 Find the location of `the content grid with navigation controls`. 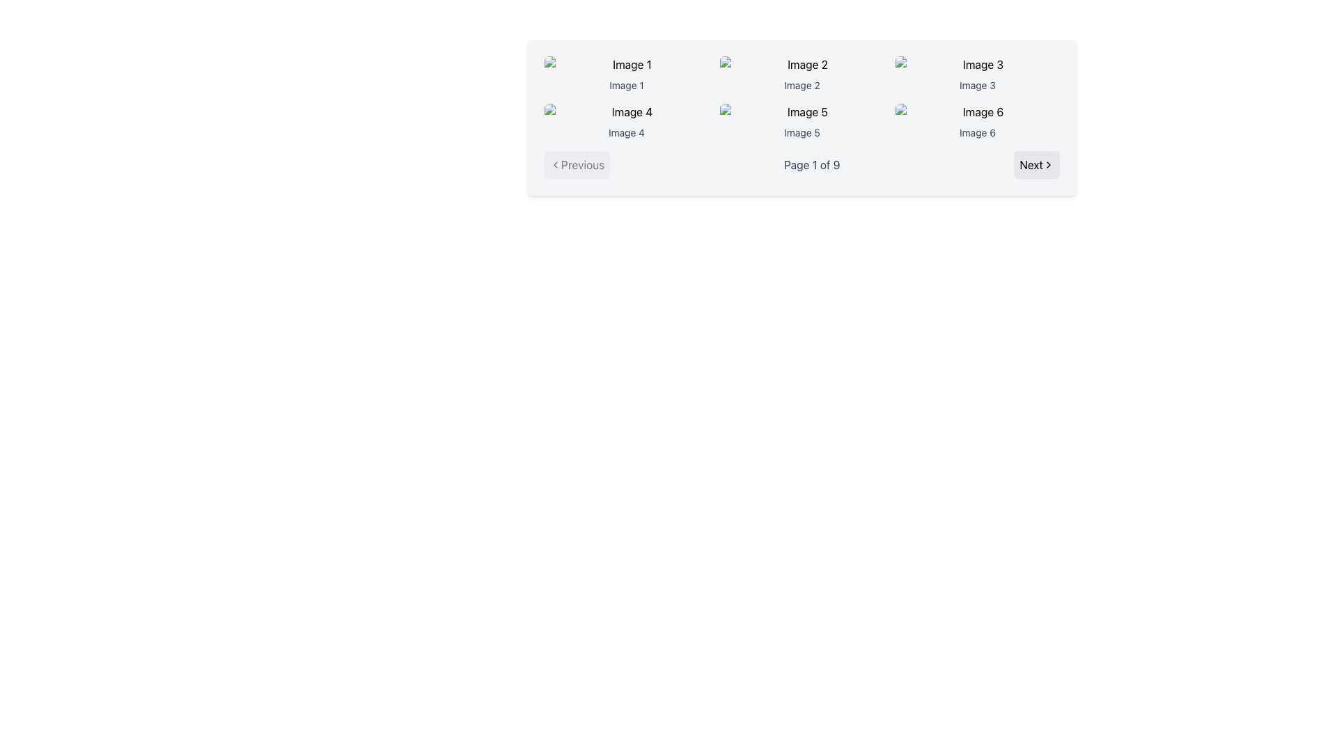

the content grid with navigation controls is located at coordinates (802, 117).